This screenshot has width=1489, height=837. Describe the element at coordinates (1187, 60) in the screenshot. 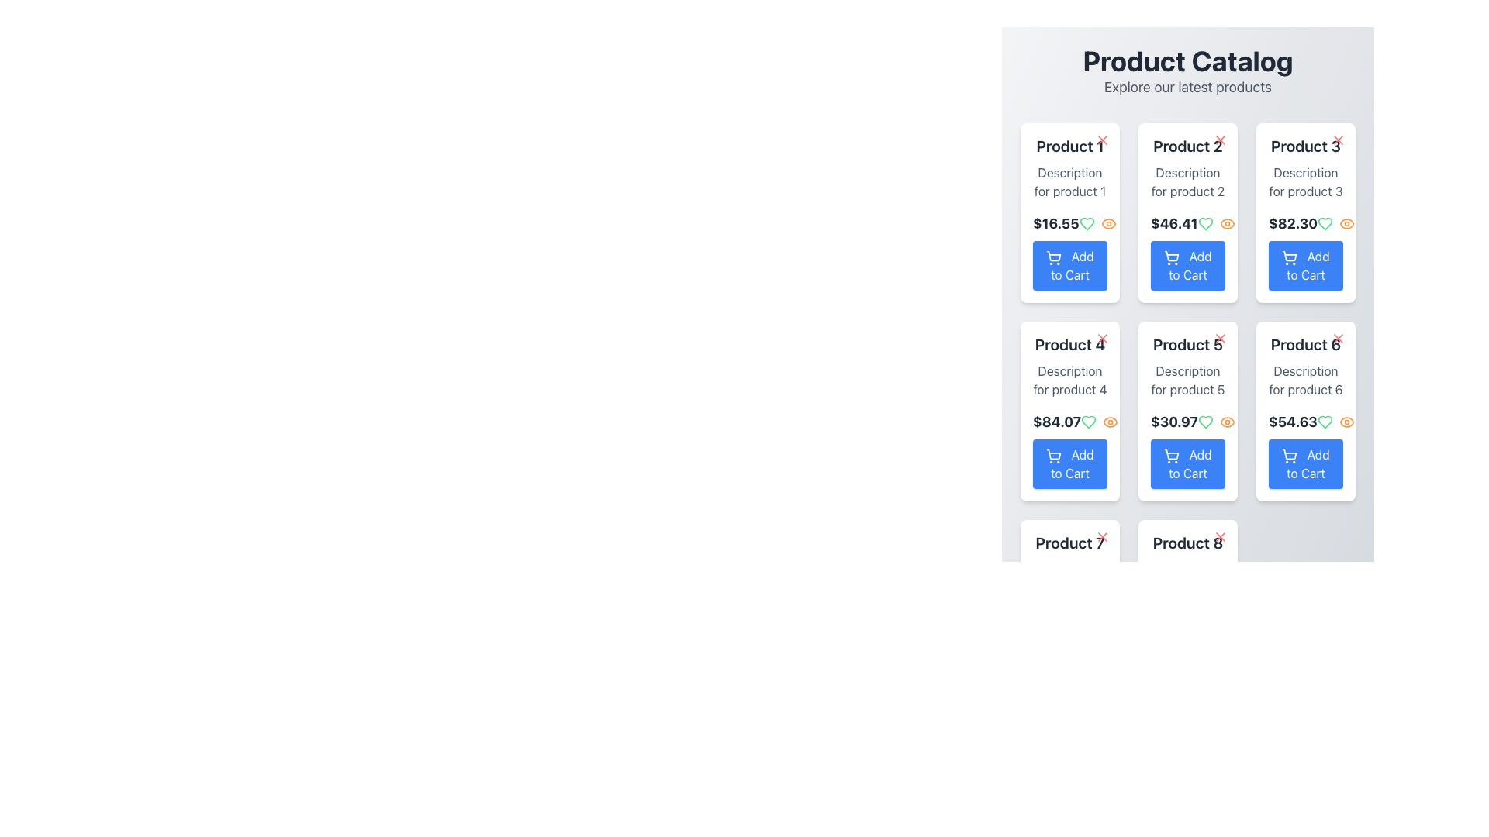

I see `the 'Product Catalog' header text, which is styled as large, bold black text and is located at the top of the list section of the interface` at that location.